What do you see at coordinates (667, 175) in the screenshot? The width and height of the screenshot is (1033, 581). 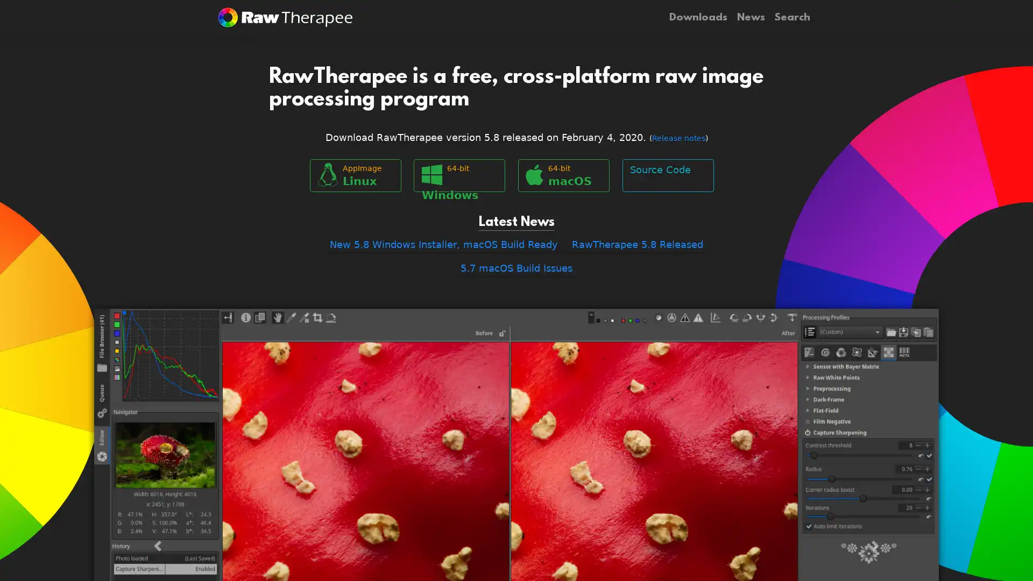 I see `Source Code` at bounding box center [667, 175].